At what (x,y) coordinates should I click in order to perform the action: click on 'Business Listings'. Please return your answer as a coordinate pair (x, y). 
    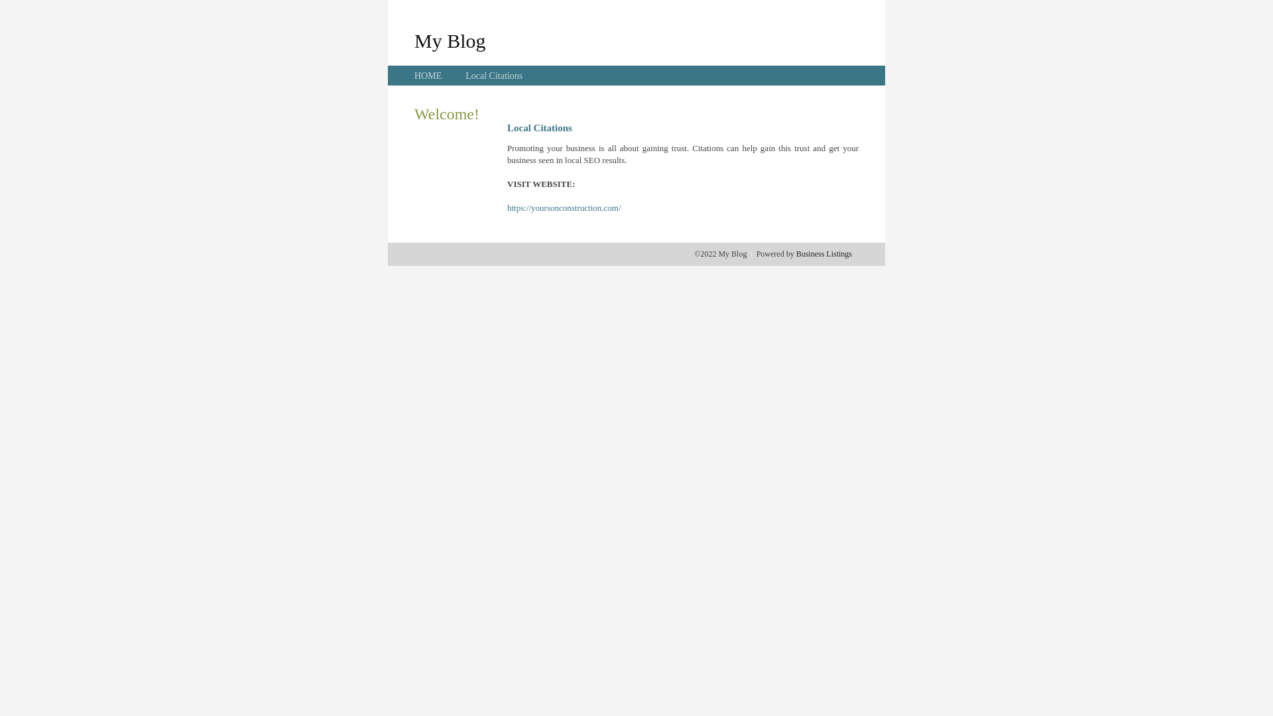
    Looking at the image, I should click on (823, 253).